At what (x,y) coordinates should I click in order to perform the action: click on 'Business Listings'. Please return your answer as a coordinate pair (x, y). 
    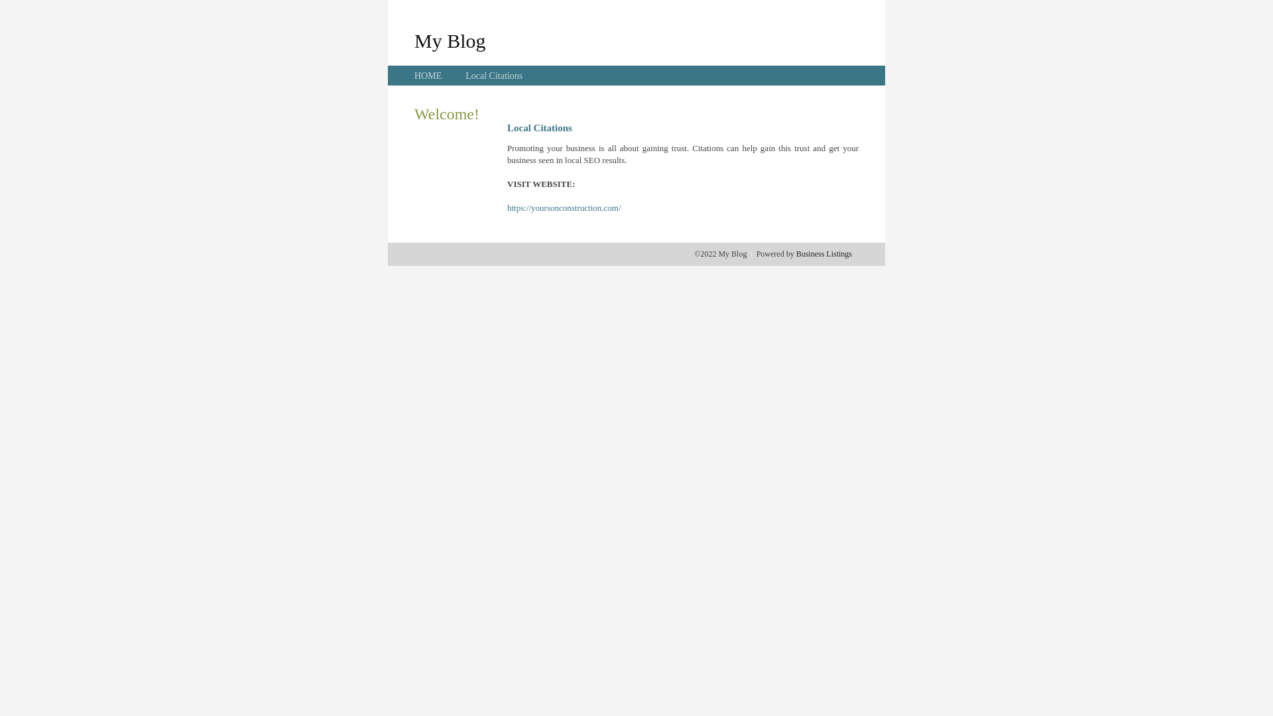
    Looking at the image, I should click on (823, 253).